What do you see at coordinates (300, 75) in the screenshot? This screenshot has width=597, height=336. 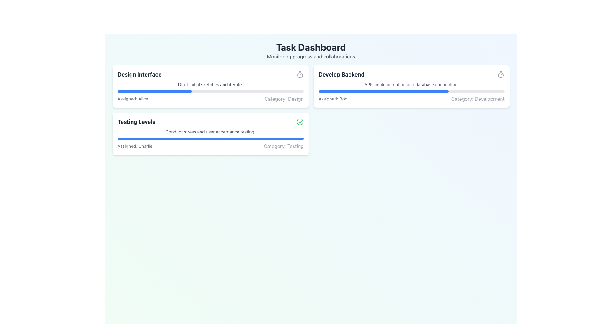 I see `the SVG Circle element, which is styled with a gray stroke color and is part of the timer icon located in the upper-right corner of the 'Develop Backend' card` at bounding box center [300, 75].